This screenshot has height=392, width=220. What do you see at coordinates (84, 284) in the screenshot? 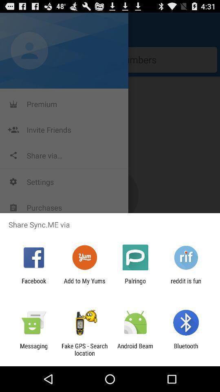
I see `the add to my icon` at bounding box center [84, 284].